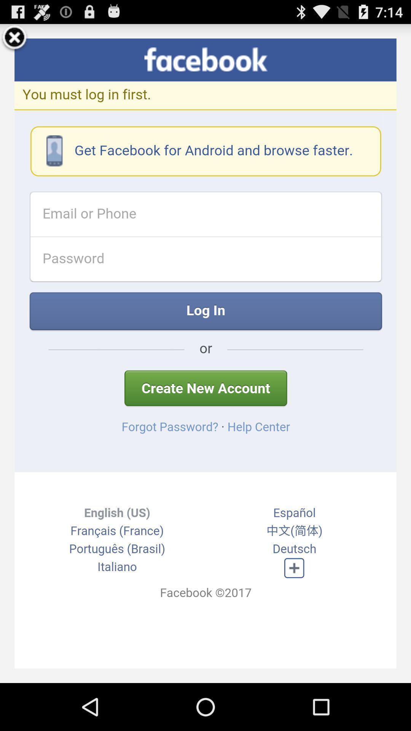  Describe the element at coordinates (14, 38) in the screenshot. I see `window` at that location.